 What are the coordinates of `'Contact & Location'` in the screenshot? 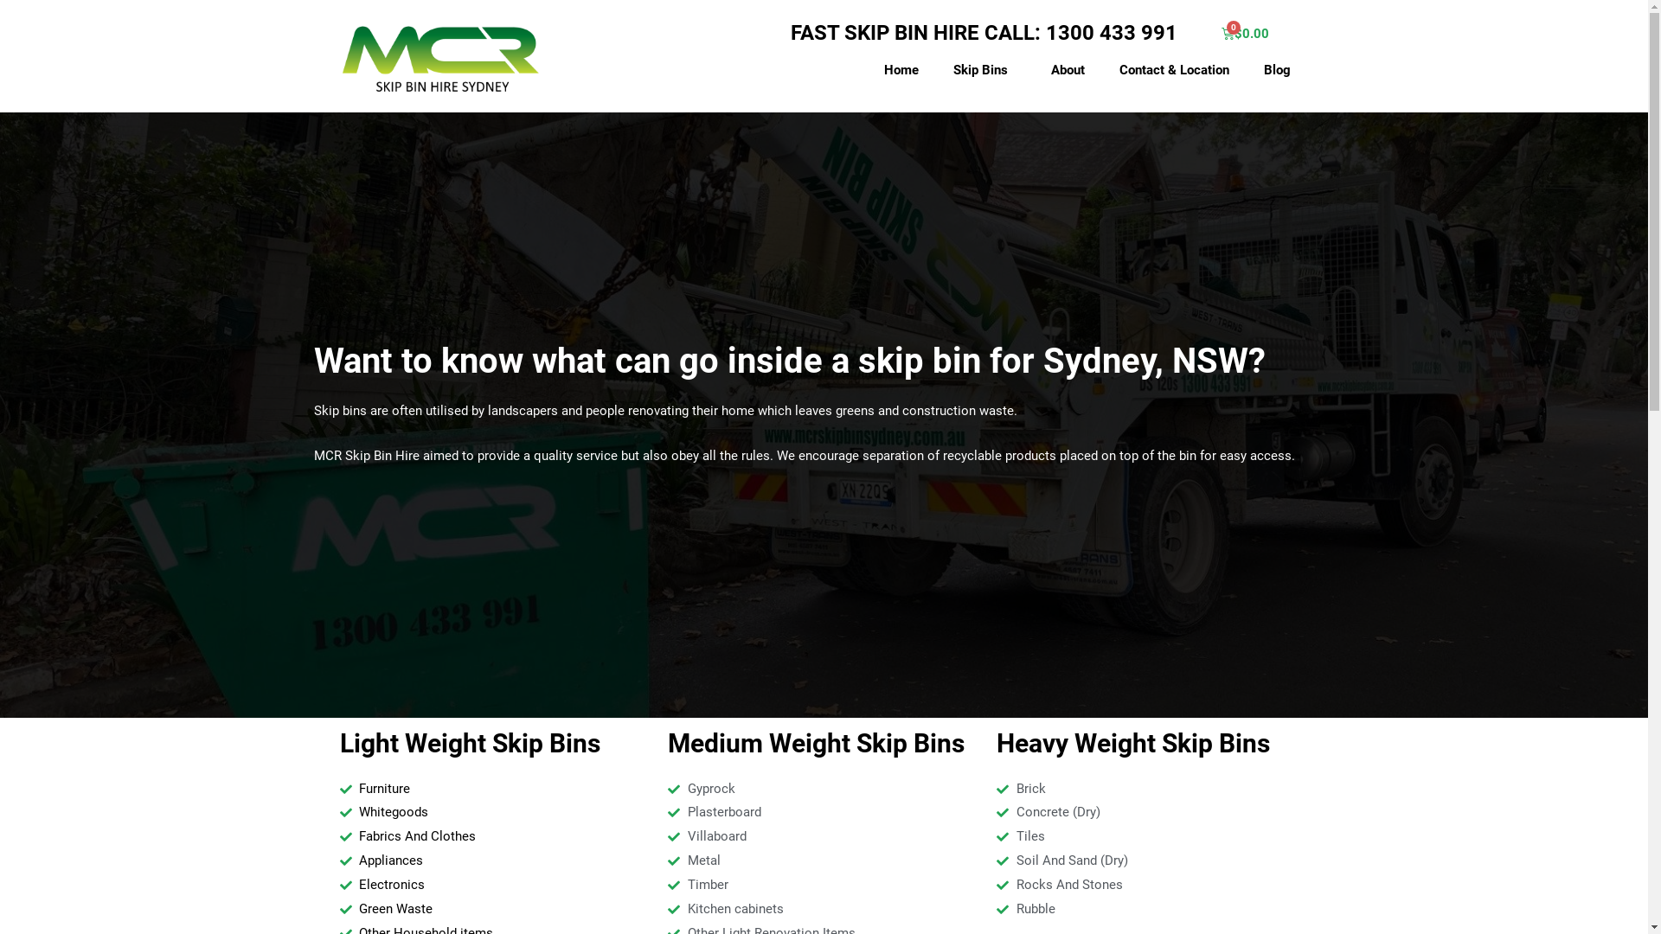 It's located at (1174, 69).